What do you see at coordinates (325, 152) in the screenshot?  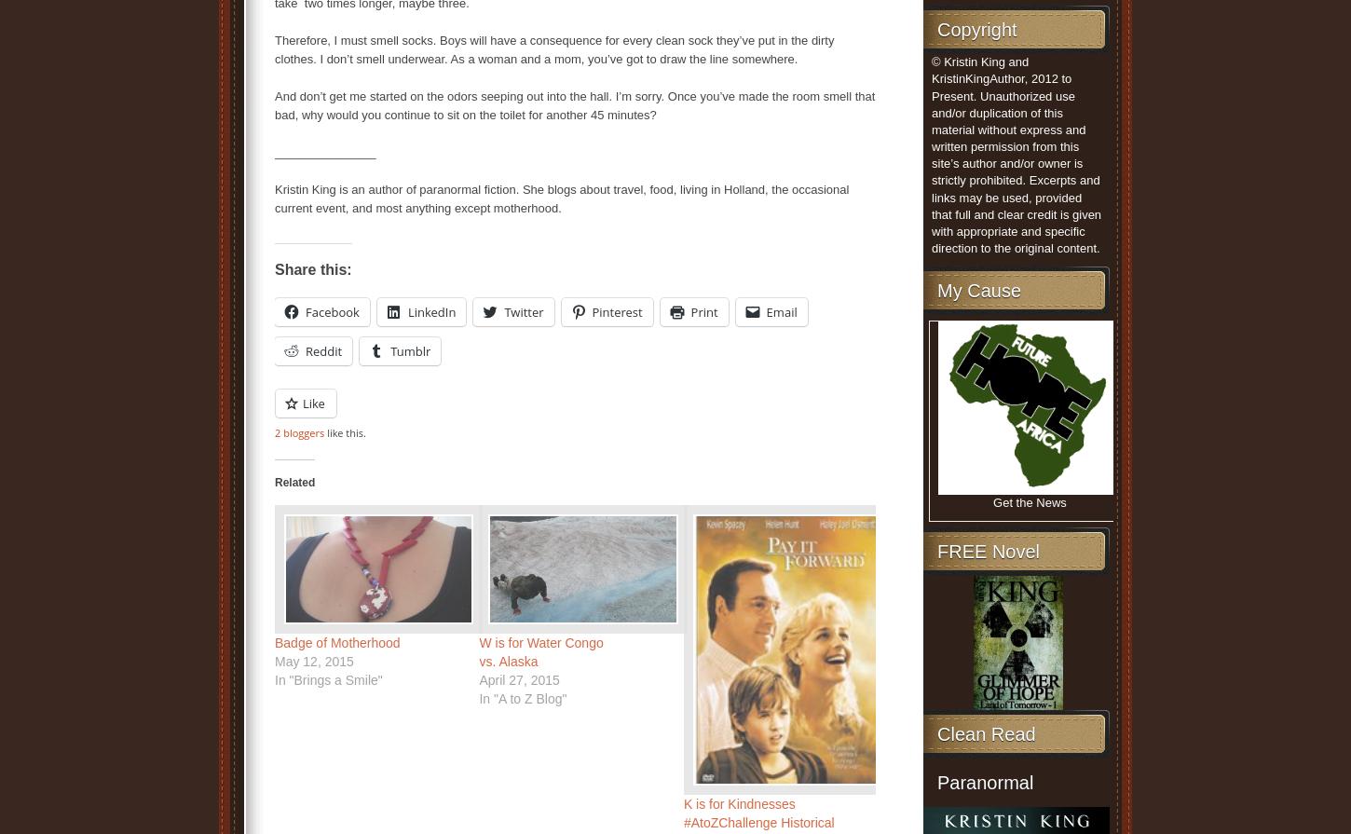 I see `'_______________'` at bounding box center [325, 152].